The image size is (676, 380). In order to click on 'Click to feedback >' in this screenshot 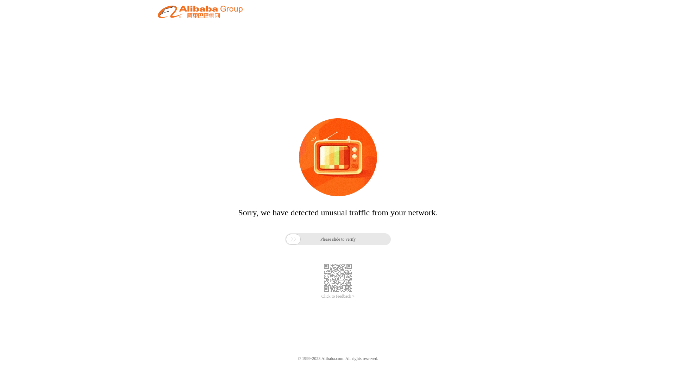, I will do `click(338, 296)`.